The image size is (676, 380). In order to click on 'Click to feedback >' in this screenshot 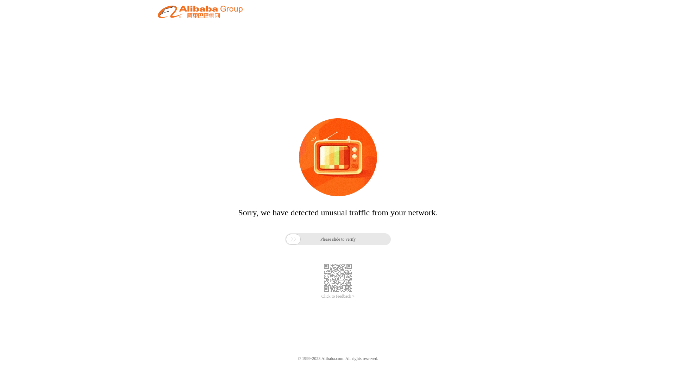, I will do `click(338, 296)`.